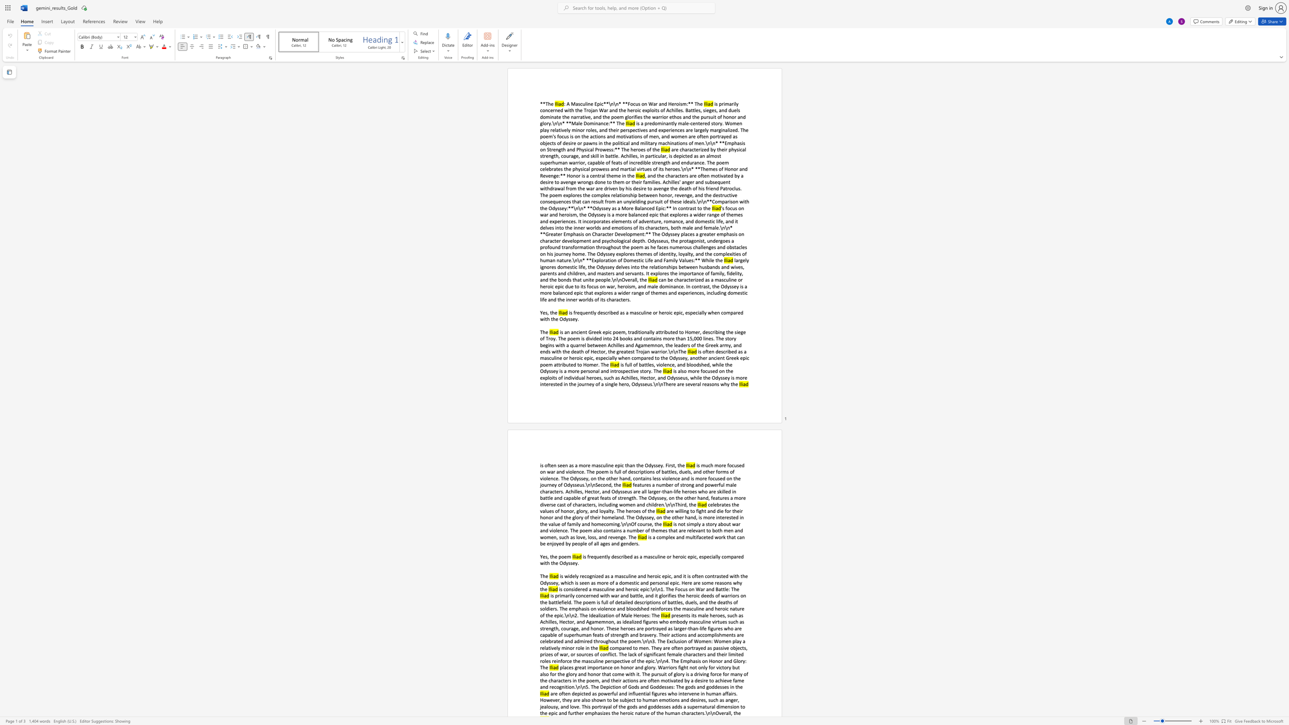  Describe the element at coordinates (656, 136) in the screenshot. I see `the subset text "n, and women a" within the text "is a predominantly male-centered story. Women play relatively minor roles, and their perspectives and experiences are largely marginalized. The poem"` at that location.